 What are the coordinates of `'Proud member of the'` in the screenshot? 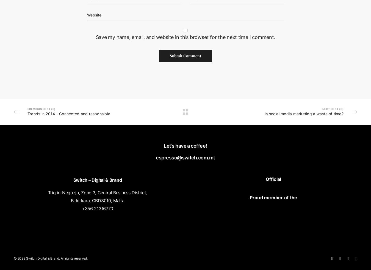 It's located at (273, 197).